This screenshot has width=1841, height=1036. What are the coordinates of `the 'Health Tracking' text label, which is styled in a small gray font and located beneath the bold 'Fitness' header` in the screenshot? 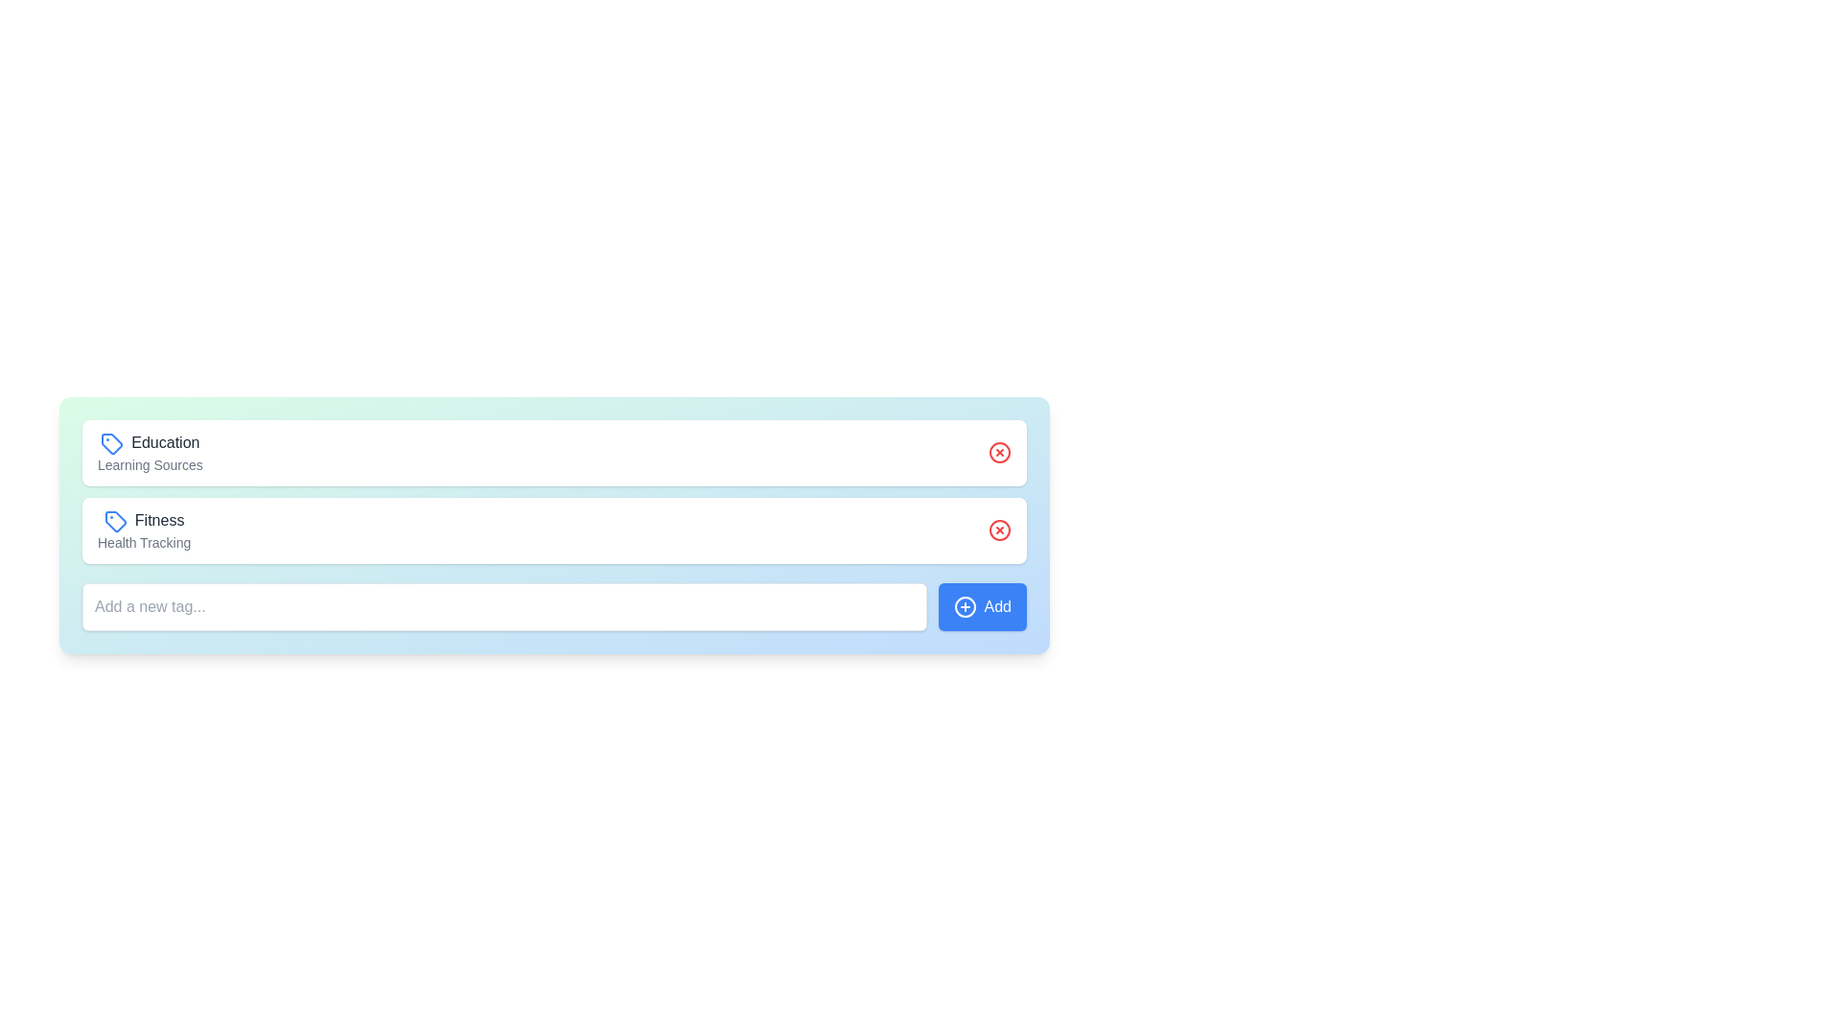 It's located at (143, 542).